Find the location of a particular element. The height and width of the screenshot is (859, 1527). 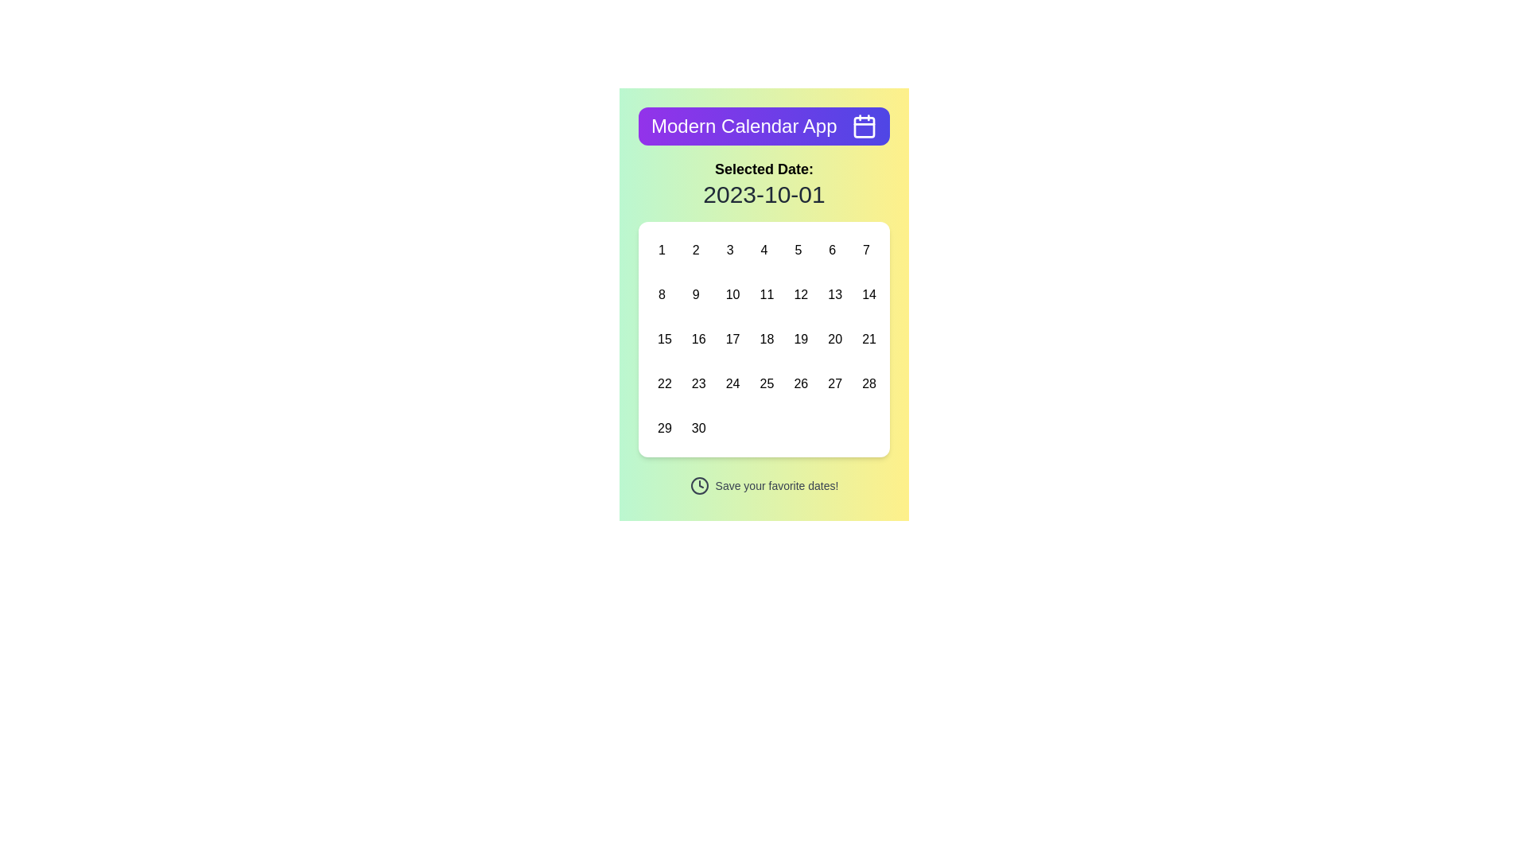

the Interactive calendar day button labeled '20' is located at coordinates (831, 339).